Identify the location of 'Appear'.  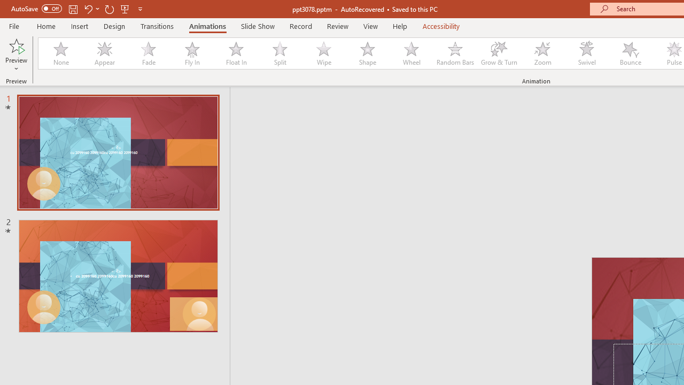
(104, 53).